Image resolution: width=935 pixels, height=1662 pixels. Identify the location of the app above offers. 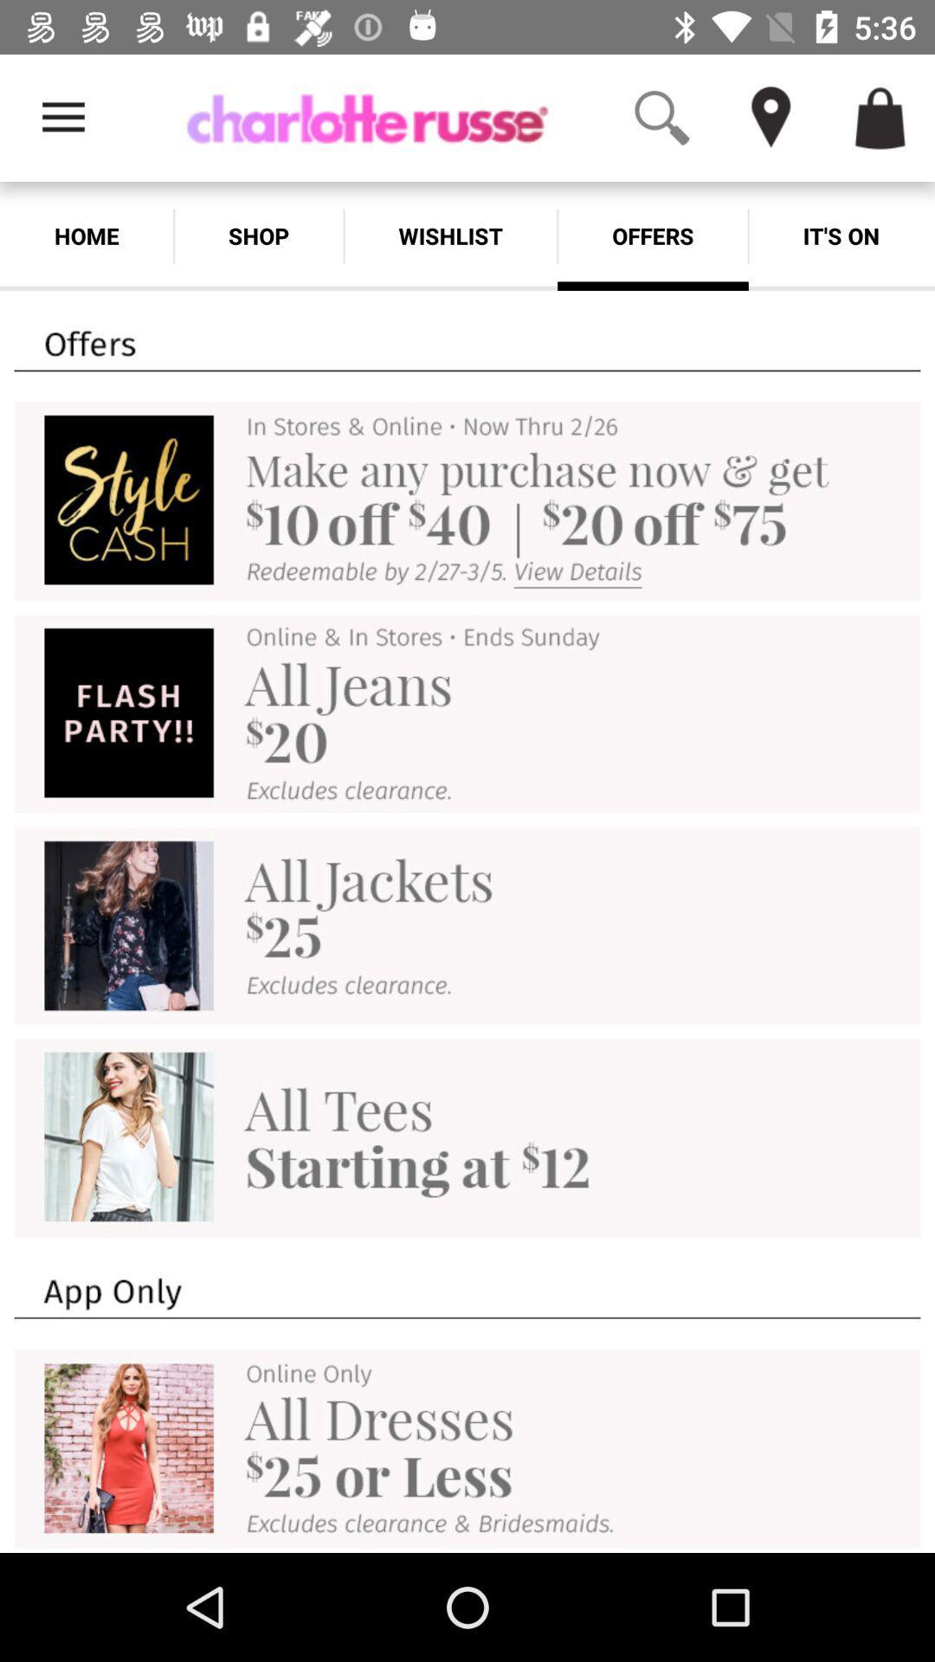
(661, 117).